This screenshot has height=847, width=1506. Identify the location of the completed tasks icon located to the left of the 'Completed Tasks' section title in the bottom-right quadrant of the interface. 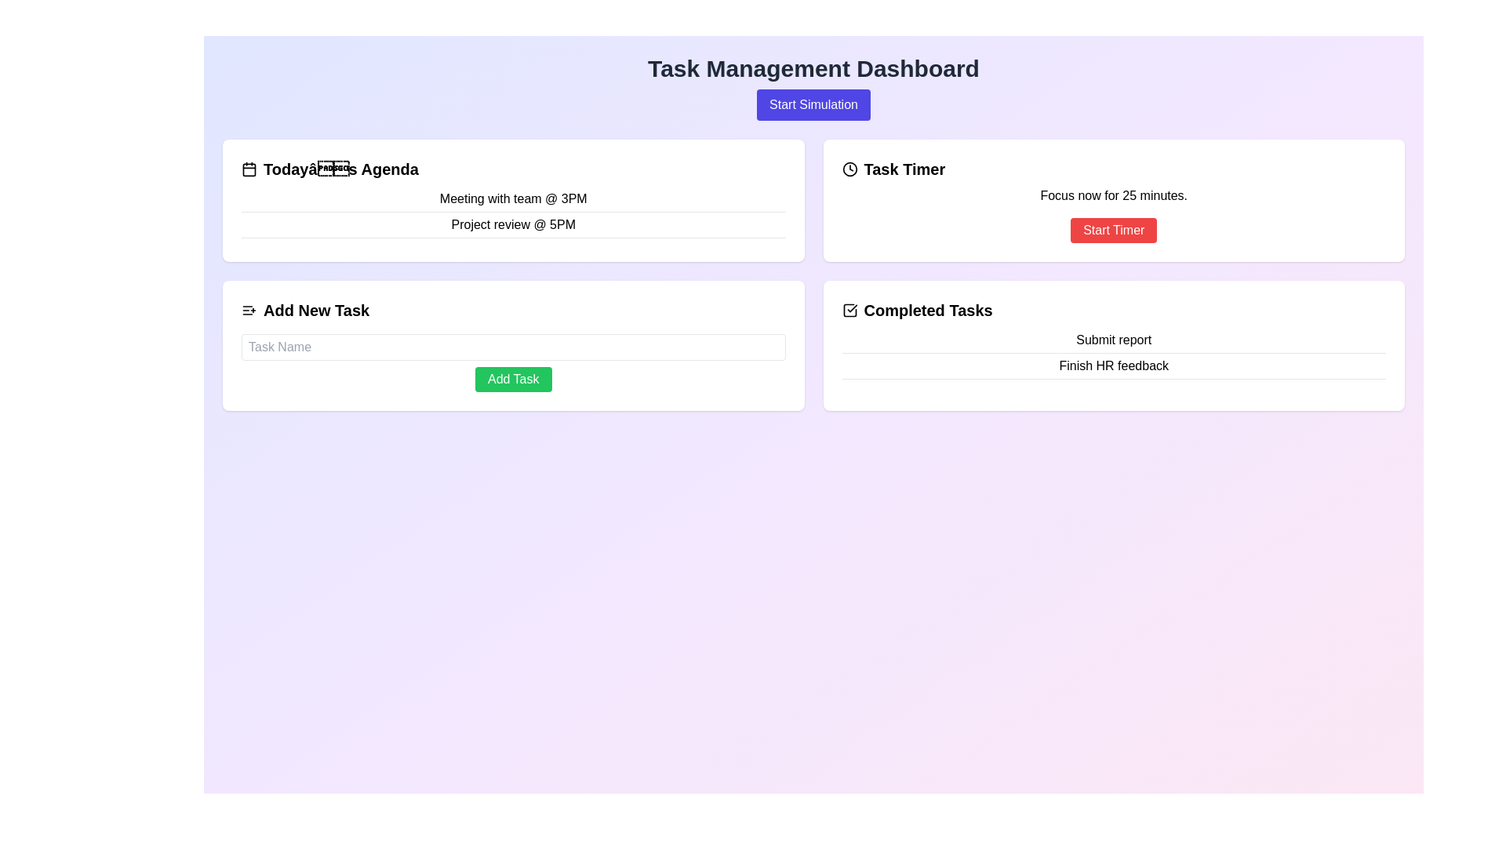
(849, 311).